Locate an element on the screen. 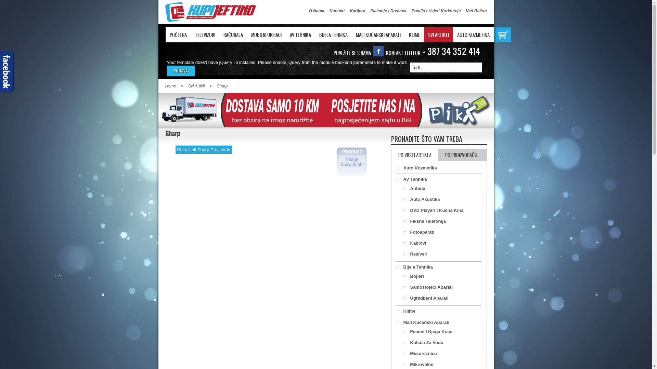 The image size is (657, 369). 'BIJELA TEHNIKA' is located at coordinates (333, 35).